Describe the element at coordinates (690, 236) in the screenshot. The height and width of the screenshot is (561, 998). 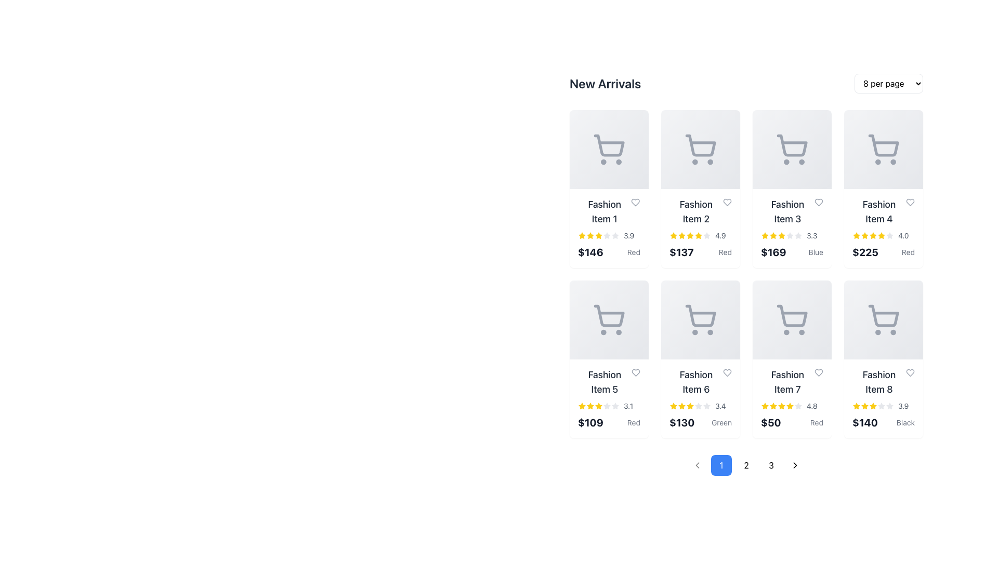
I see `the fourth star icon in the rating system under the 'Fashion Item 2' section to examine its quality representation` at that location.